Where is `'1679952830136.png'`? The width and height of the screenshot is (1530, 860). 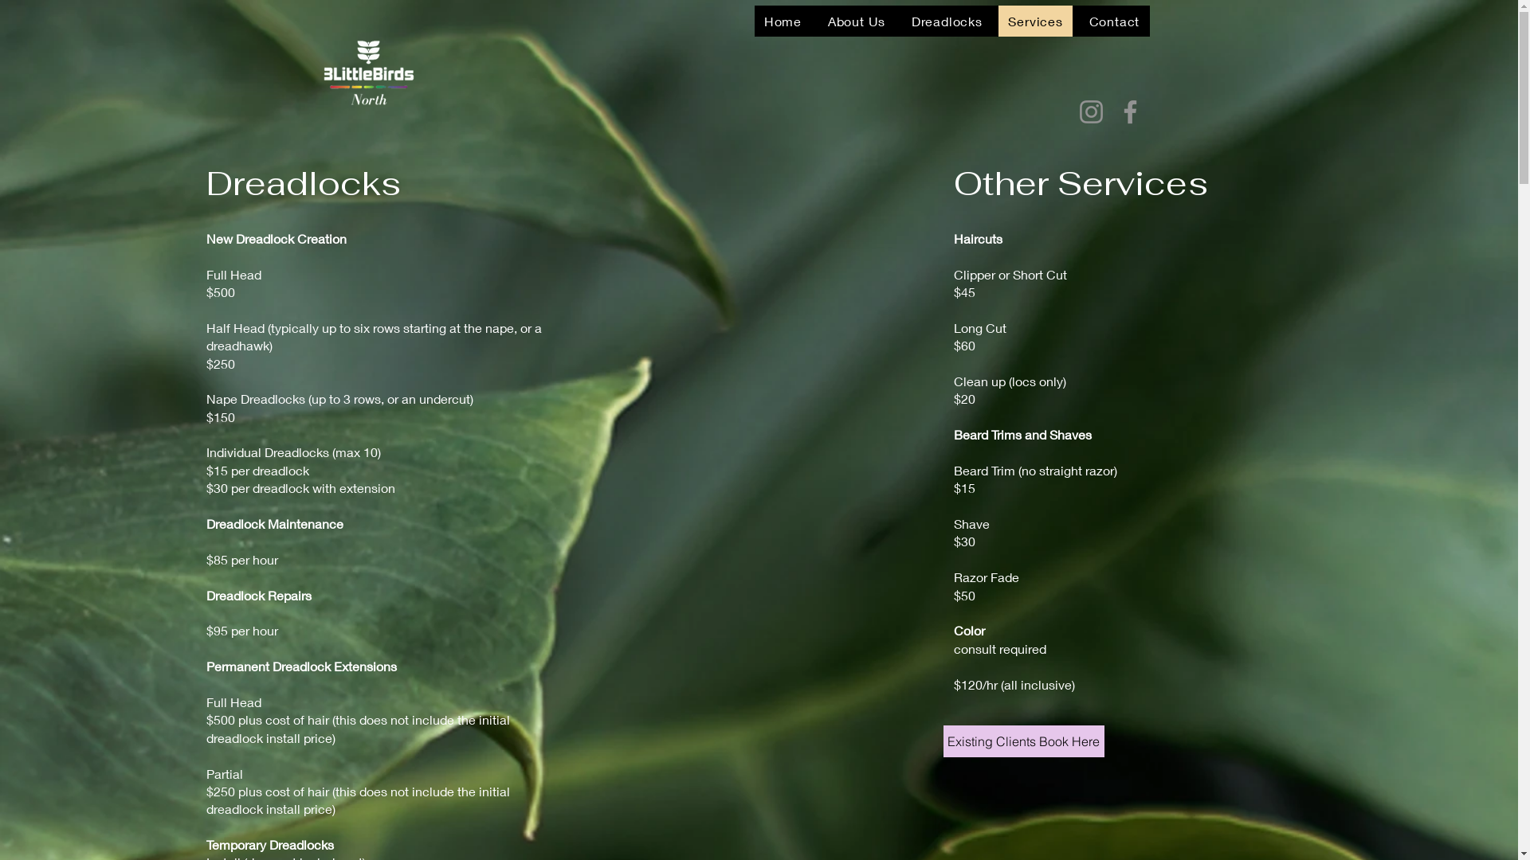 '1679952830136.png' is located at coordinates (368, 75).